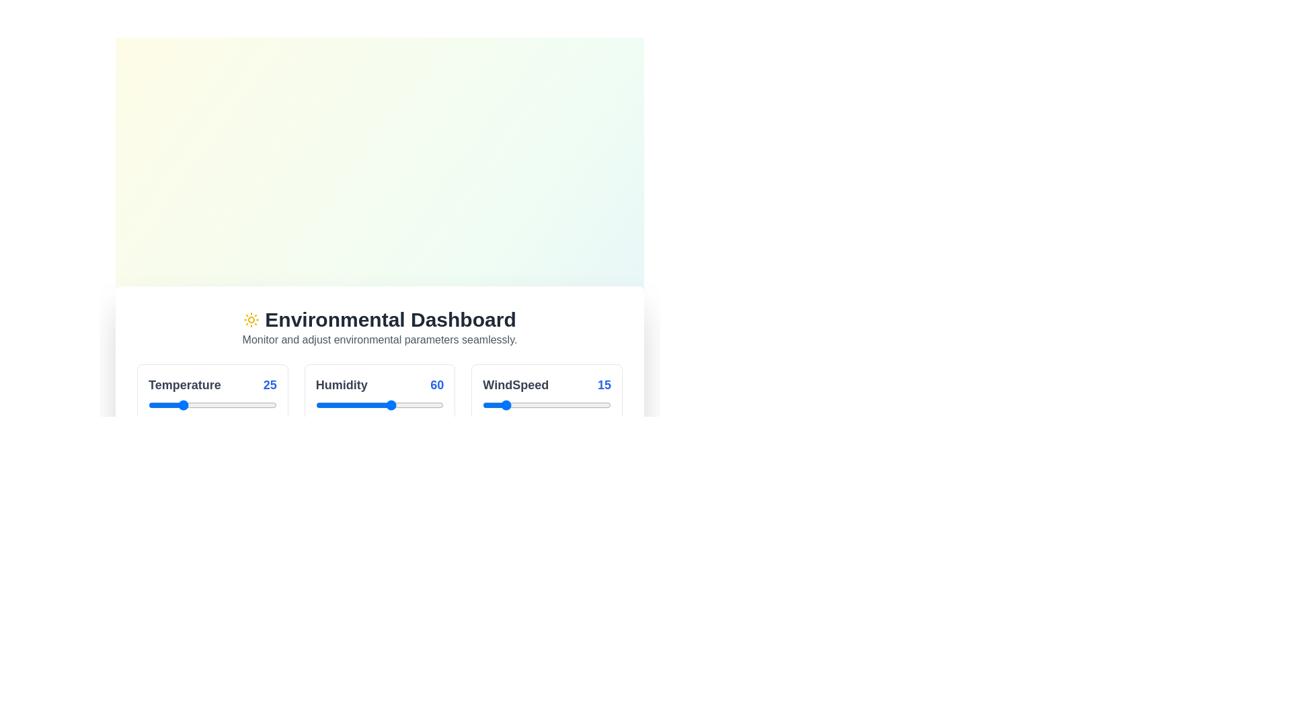 This screenshot has width=1291, height=726. What do you see at coordinates (420, 404) in the screenshot?
I see `the Humidity slider` at bounding box center [420, 404].